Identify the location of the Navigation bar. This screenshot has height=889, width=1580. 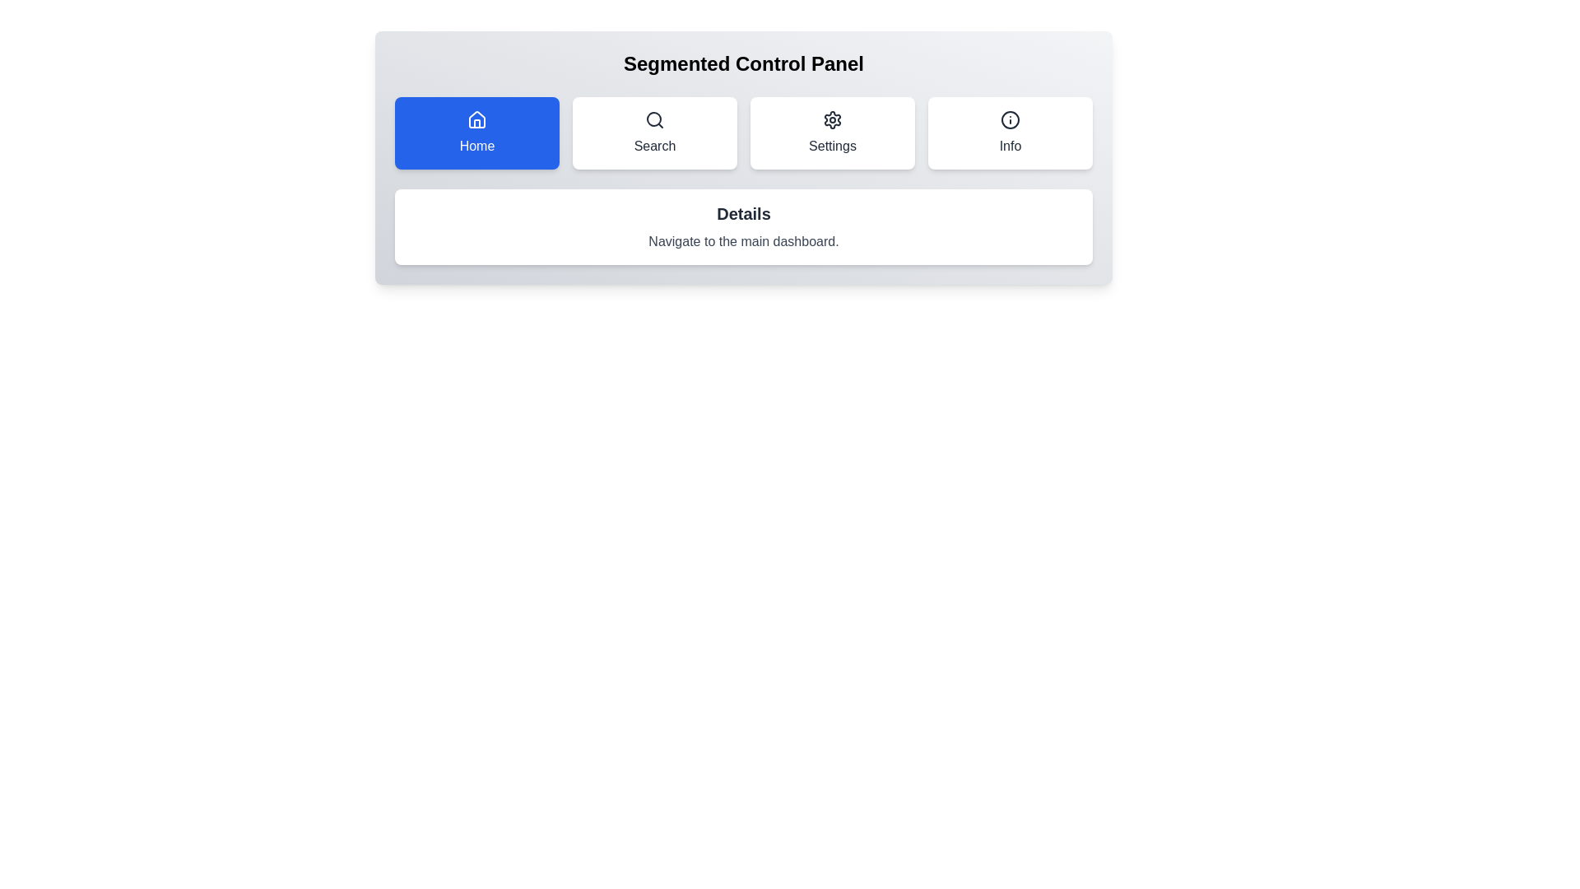
(742, 133).